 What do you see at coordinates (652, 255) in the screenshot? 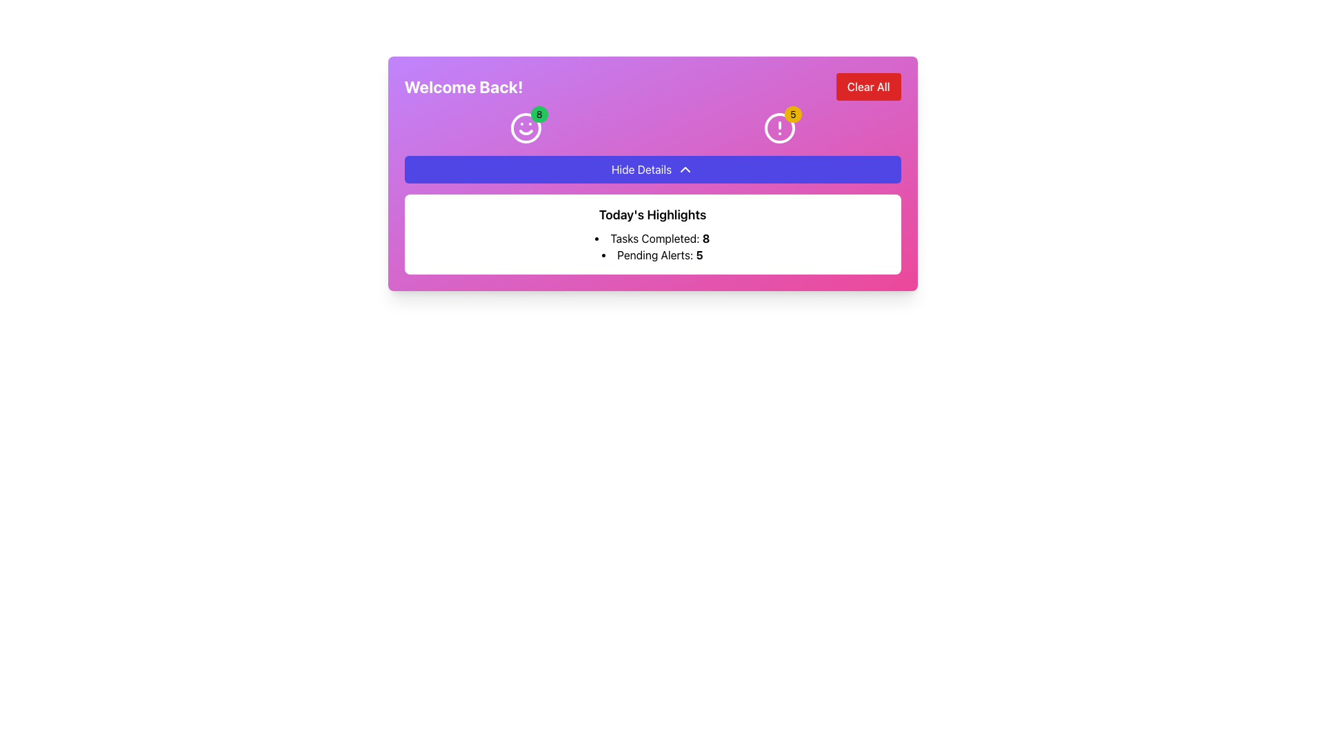
I see `the text label displaying 'Pending Alerts: 5', which is the second item in the list under 'Today's Highlights'` at bounding box center [652, 255].